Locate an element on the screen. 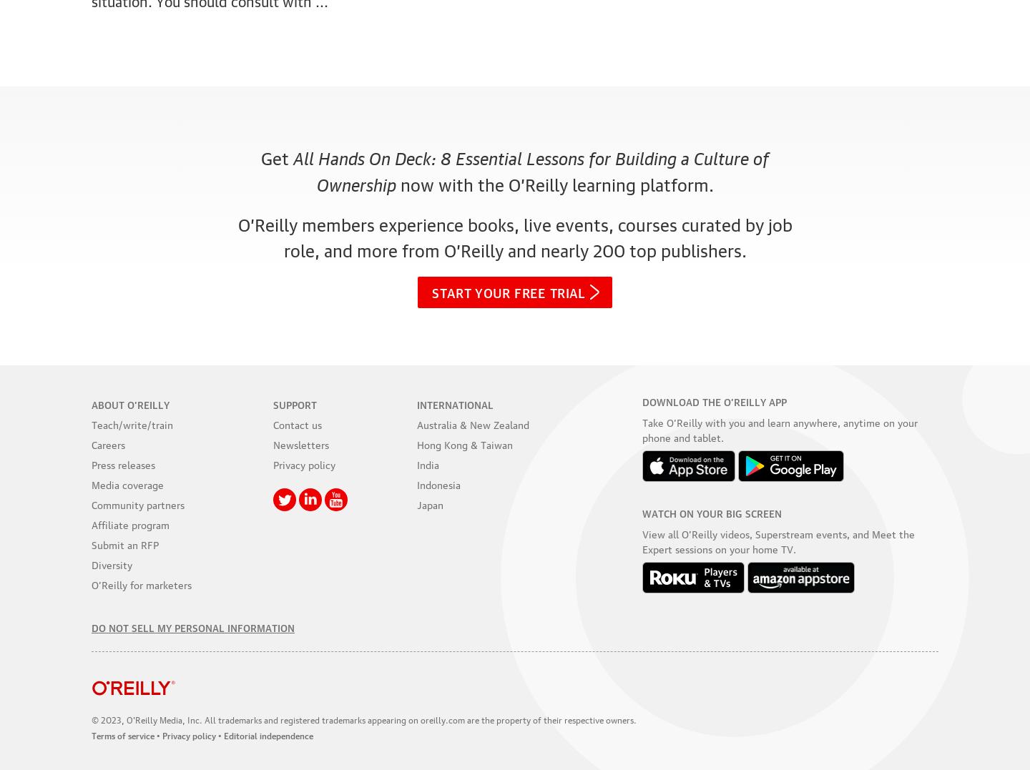 This screenshot has width=1030, height=770. 'O’Reilly for marketers' is located at coordinates (142, 583).